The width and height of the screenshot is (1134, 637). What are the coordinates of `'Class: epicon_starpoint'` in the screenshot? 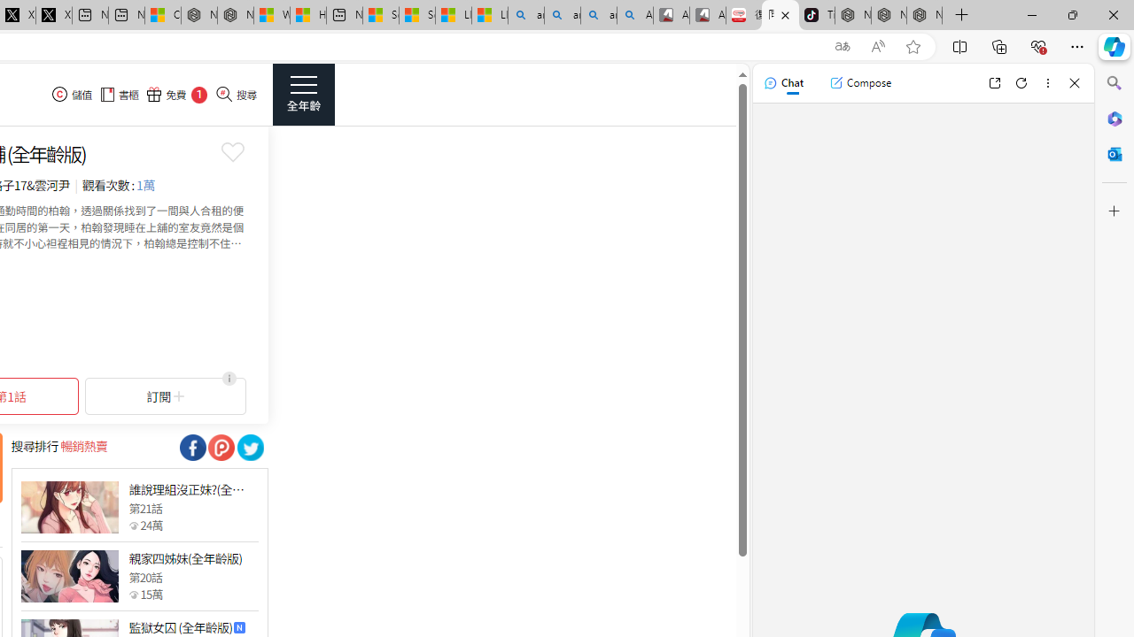 It's located at (133, 594).